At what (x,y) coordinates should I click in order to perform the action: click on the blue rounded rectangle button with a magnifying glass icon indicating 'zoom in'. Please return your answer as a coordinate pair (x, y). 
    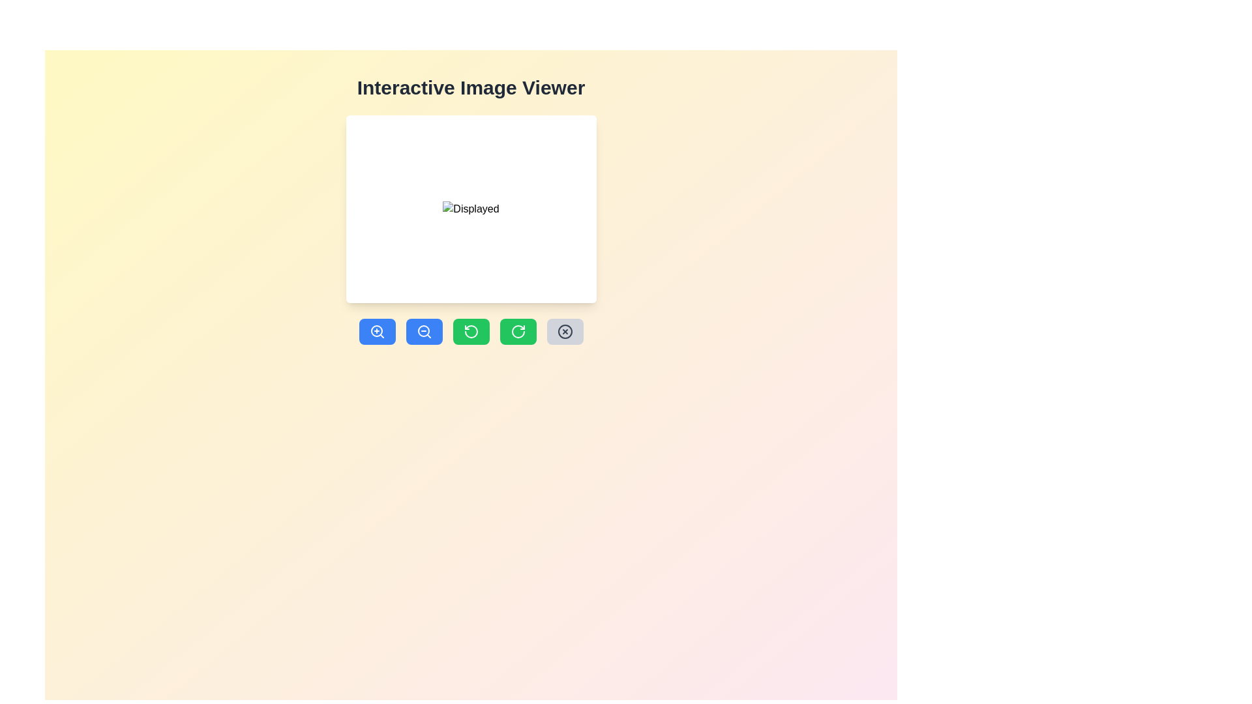
    Looking at the image, I should click on (376, 331).